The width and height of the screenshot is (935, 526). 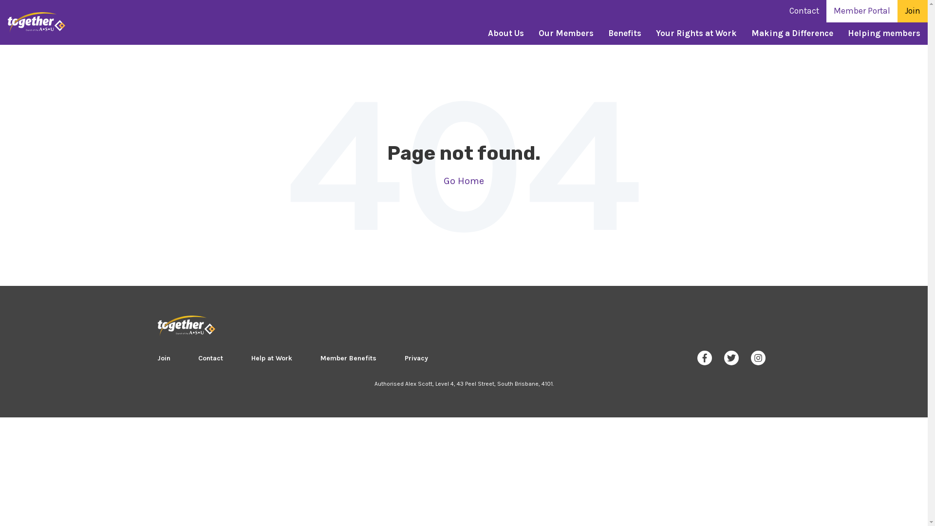 I want to click on 'Benefits', so click(x=624, y=33).